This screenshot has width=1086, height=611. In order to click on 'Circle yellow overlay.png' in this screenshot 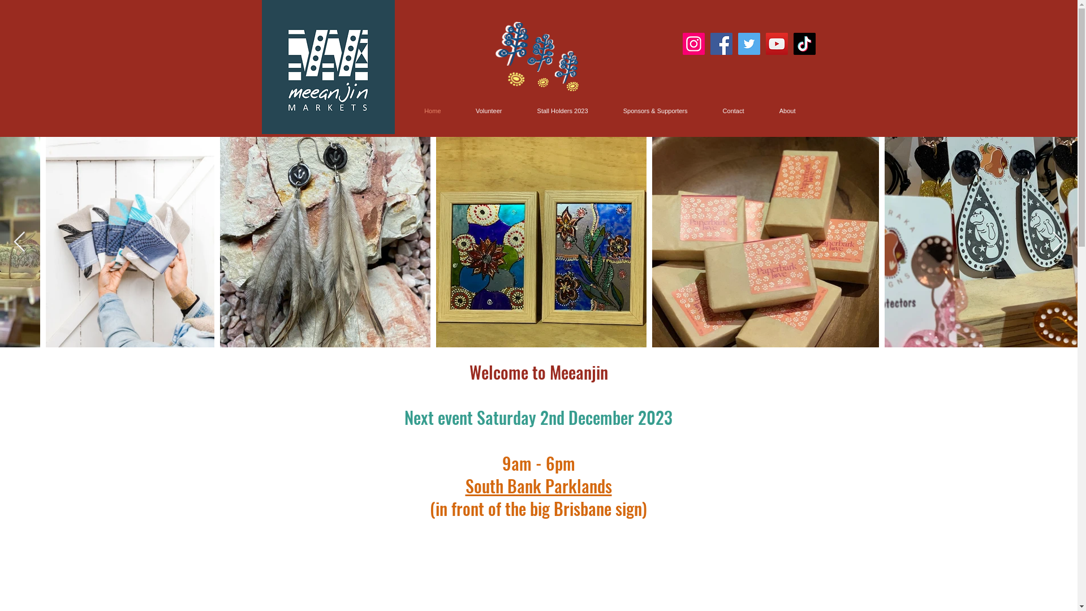, I will do `click(512, 76)`.